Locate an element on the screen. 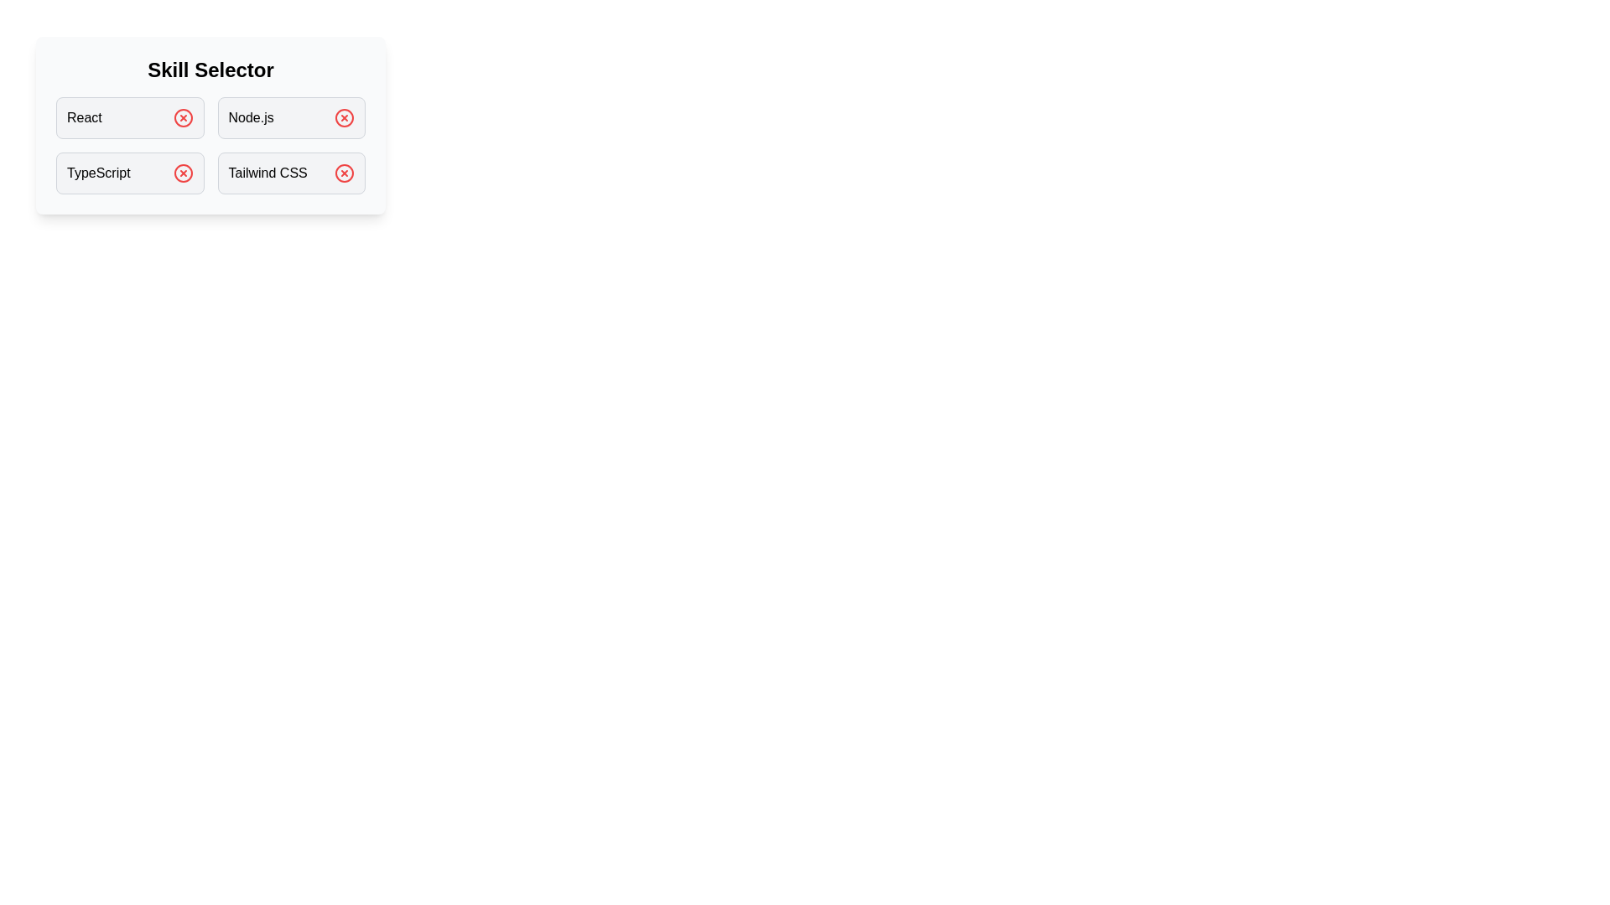  the skill box labeled TypeScript is located at coordinates (129, 173).